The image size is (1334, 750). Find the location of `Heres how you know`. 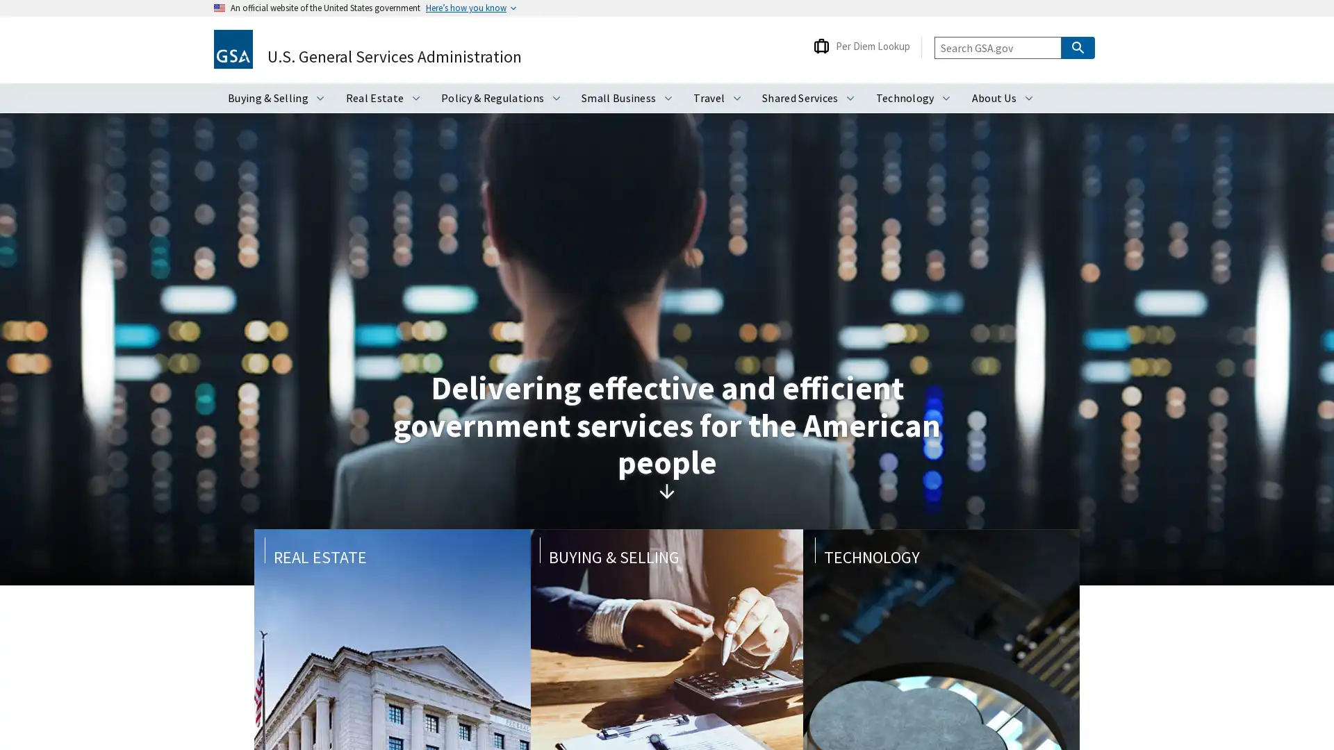

Heres how you know is located at coordinates (466, 8).